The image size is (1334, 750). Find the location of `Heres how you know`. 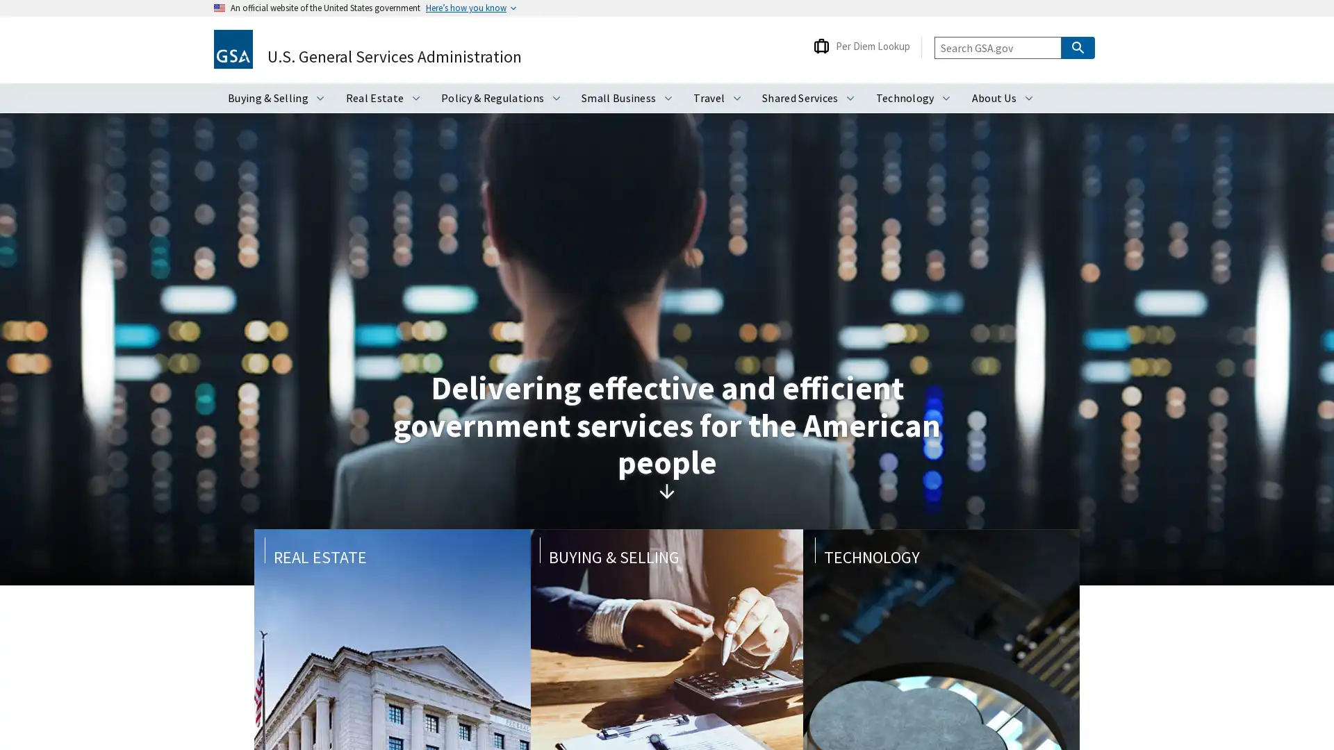

Heres how you know is located at coordinates (466, 8).